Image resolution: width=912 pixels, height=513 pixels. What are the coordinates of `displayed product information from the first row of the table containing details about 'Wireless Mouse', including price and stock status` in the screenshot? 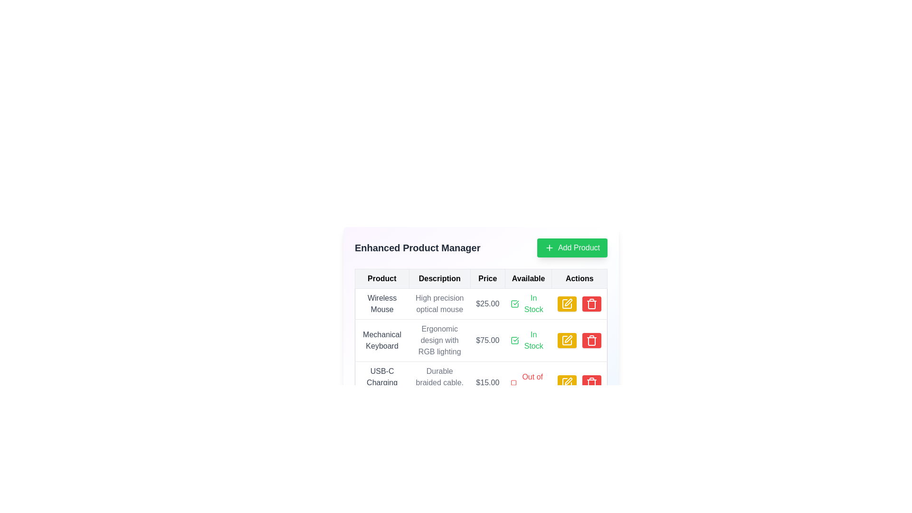 It's located at (481, 304).